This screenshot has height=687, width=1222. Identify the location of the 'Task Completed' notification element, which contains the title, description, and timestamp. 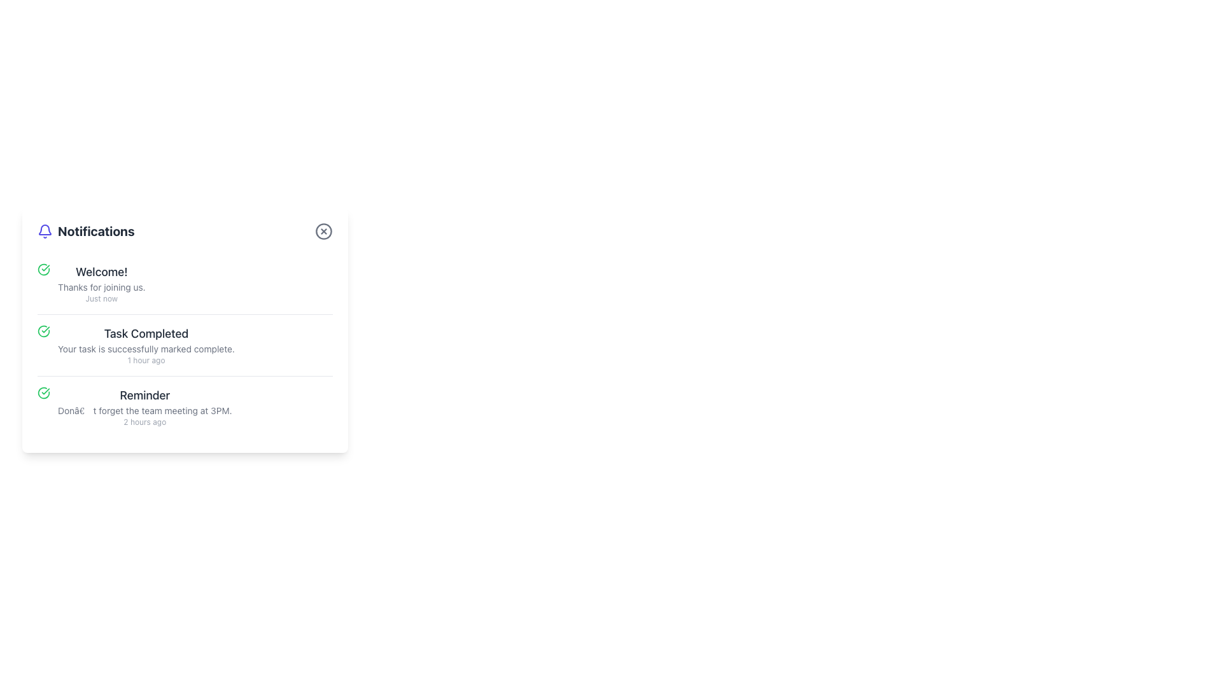
(146, 345).